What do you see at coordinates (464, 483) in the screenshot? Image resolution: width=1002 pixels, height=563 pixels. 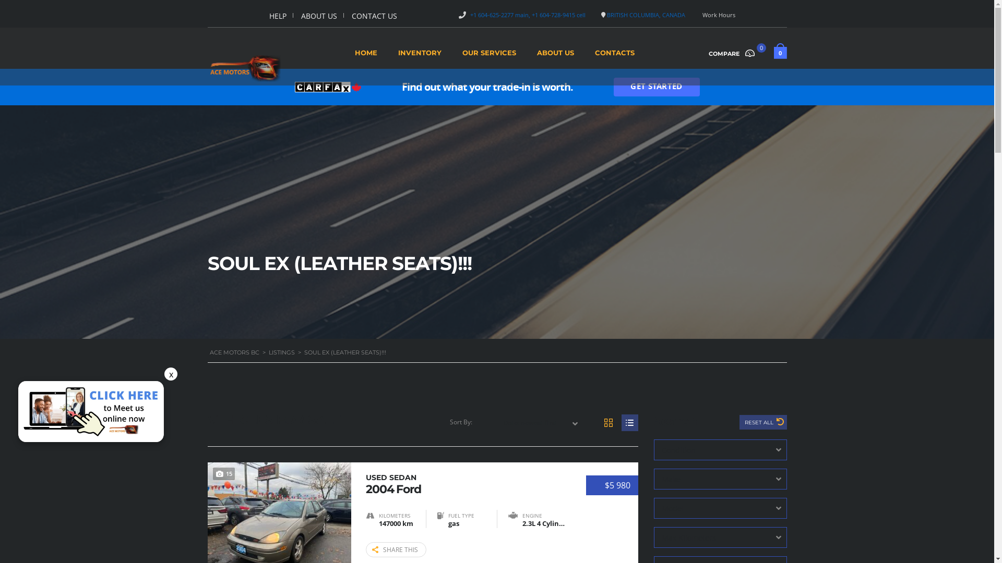 I see `'USED SEDAN` at bounding box center [464, 483].